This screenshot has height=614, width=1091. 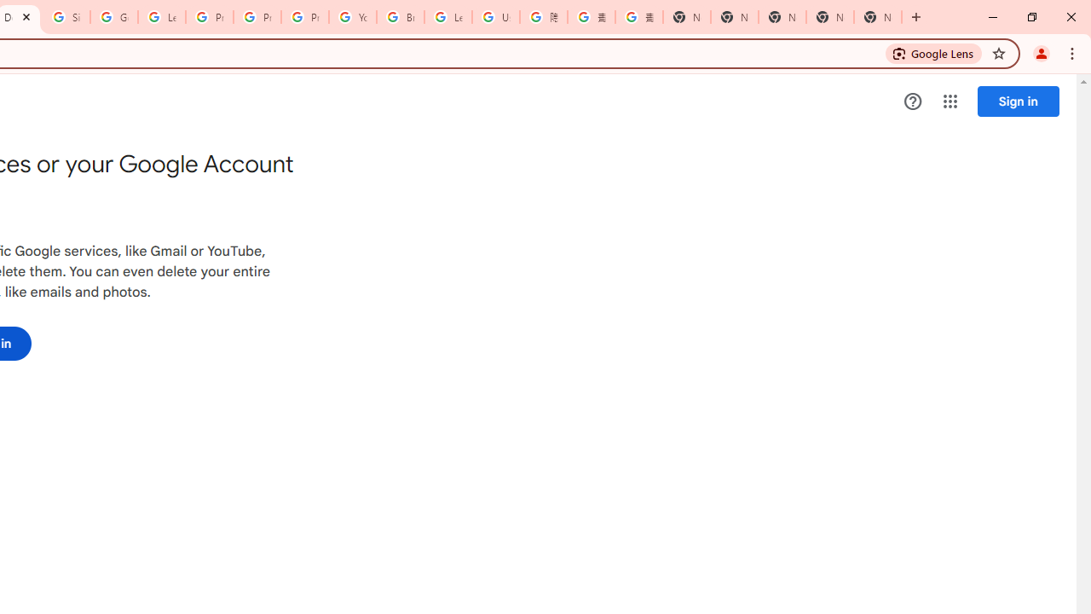 What do you see at coordinates (257, 17) in the screenshot?
I see `'Privacy Help Center - Policies Help'` at bounding box center [257, 17].